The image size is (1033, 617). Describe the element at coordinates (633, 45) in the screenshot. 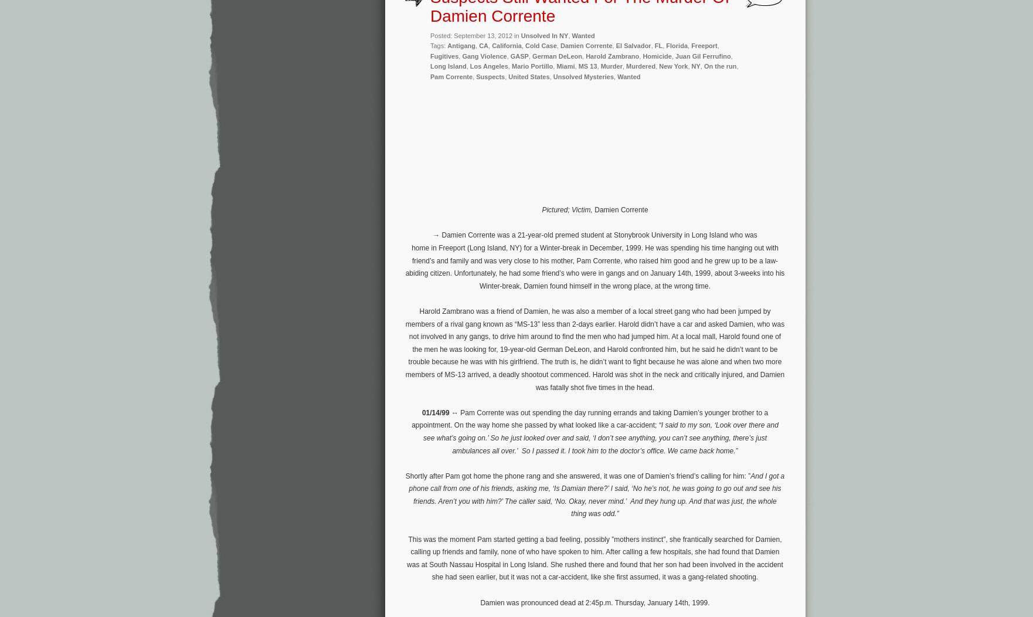

I see `'El Salvador'` at that location.